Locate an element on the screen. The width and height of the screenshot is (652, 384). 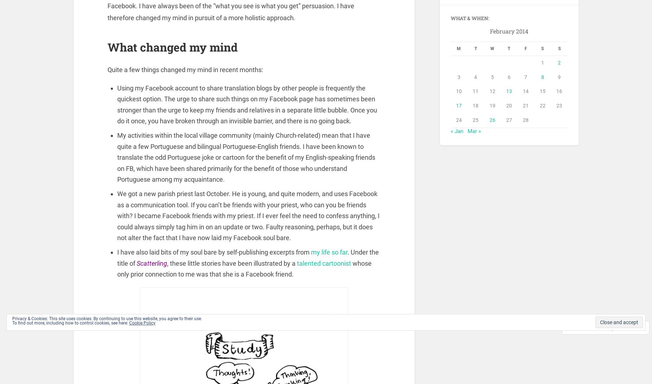
'F' is located at coordinates (525, 49).